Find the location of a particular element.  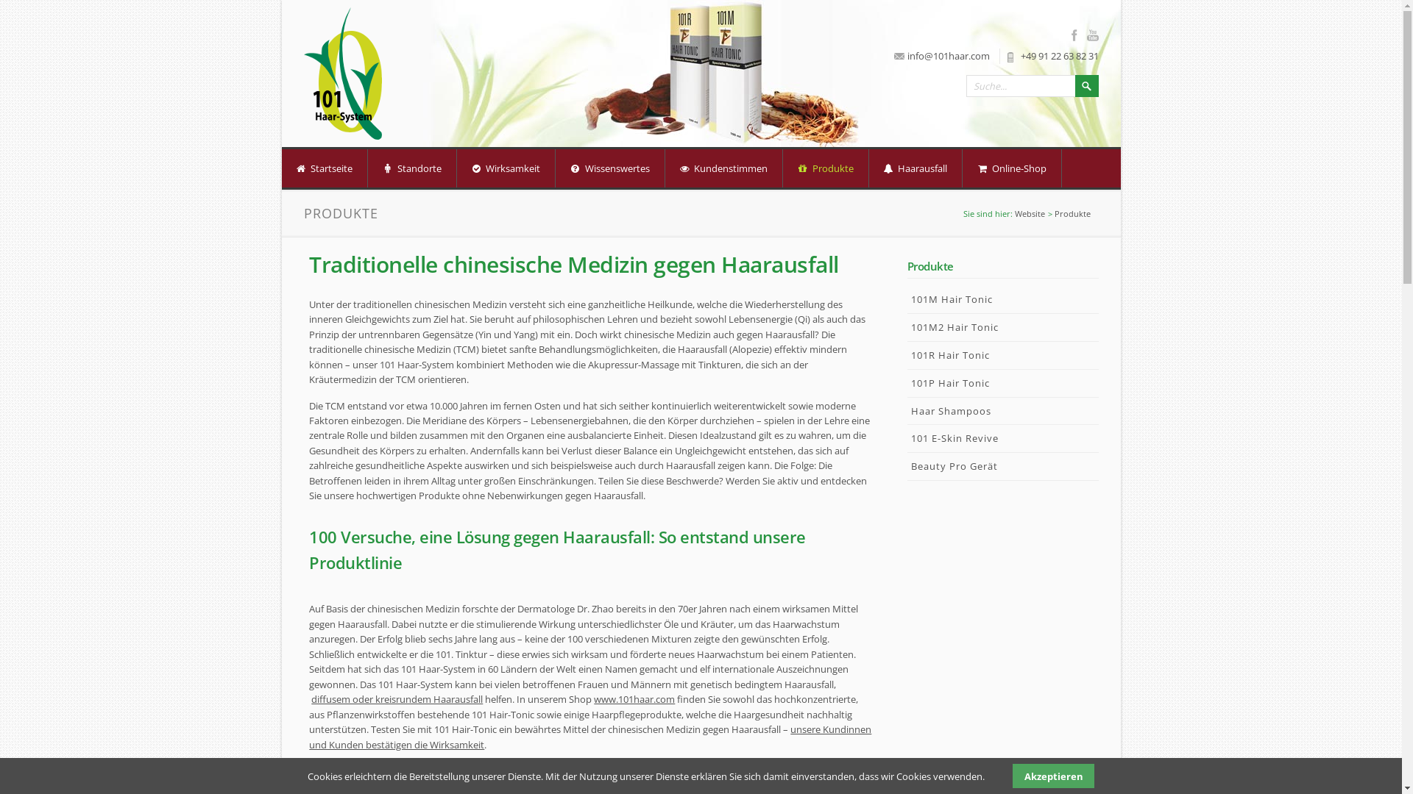

'101M2 Hair Tonic' is located at coordinates (1002, 327).